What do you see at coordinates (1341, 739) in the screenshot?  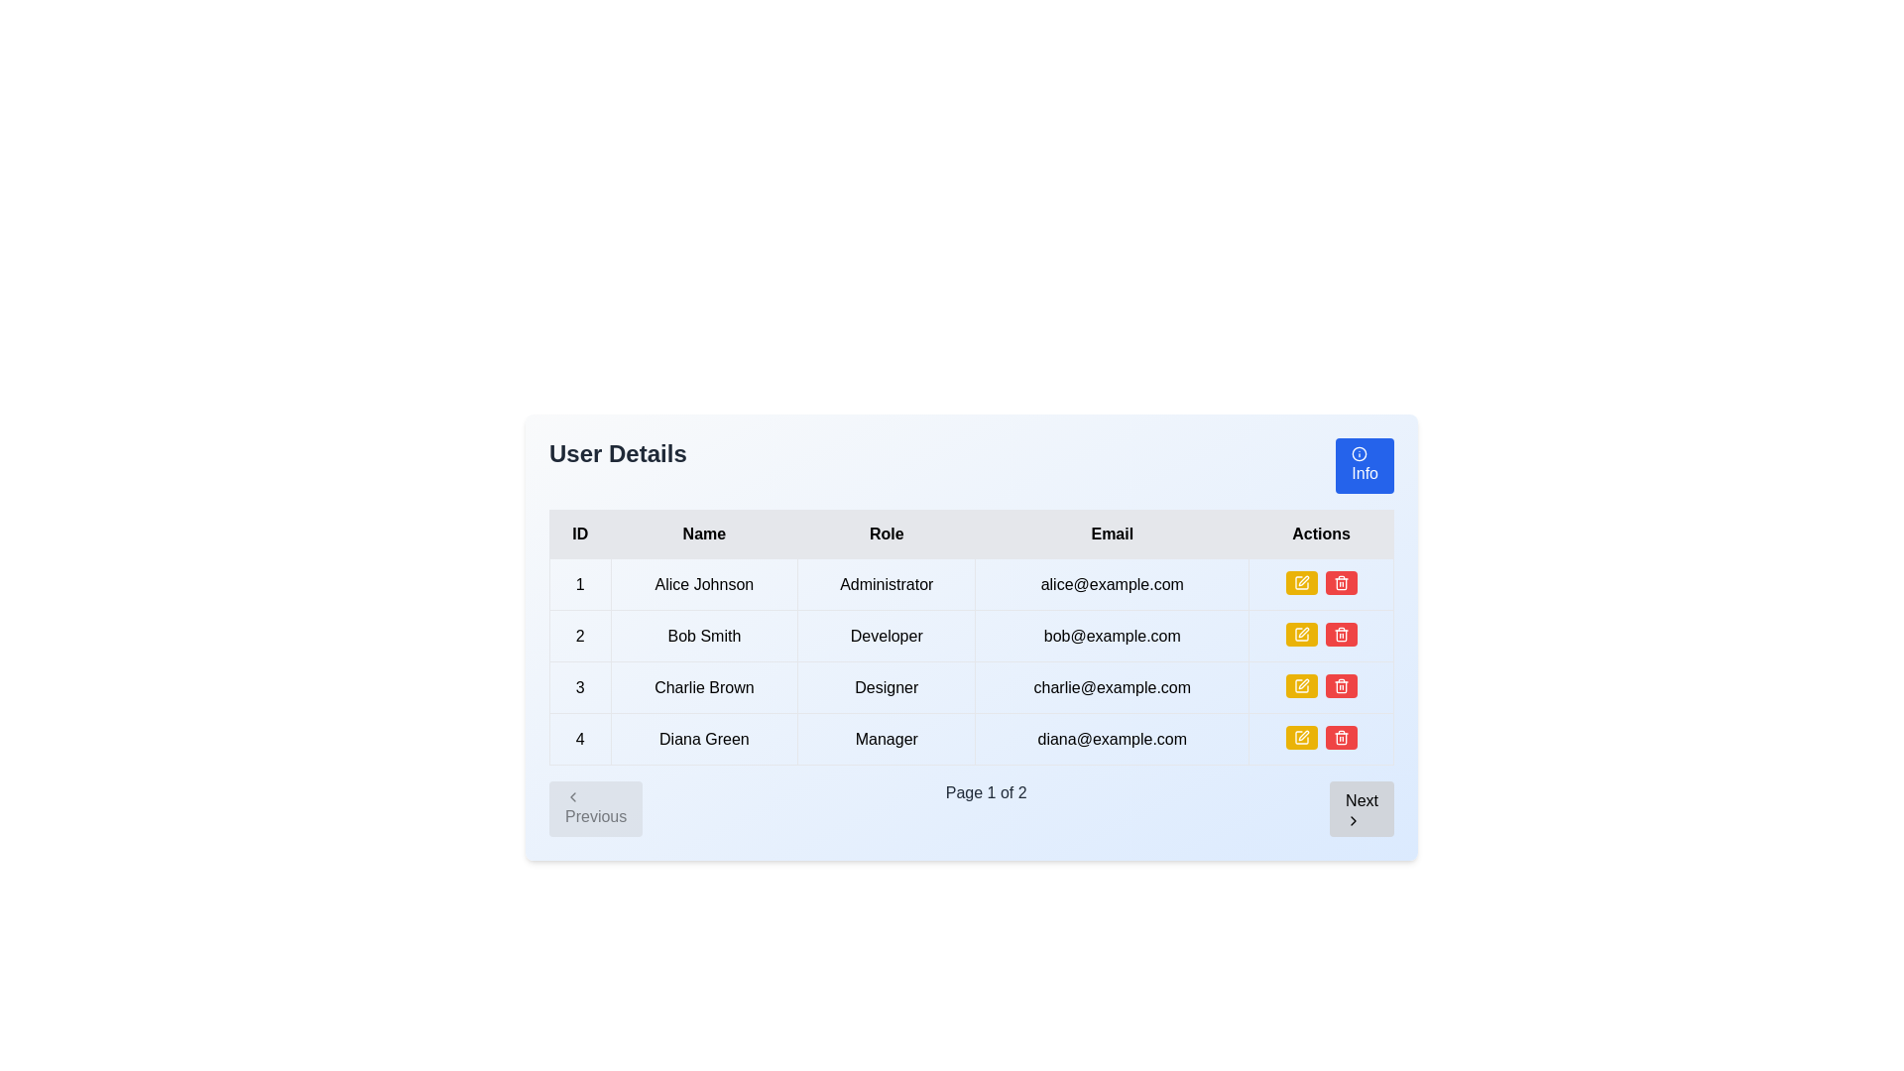 I see `the trash icon component in the 'Actions' column for the entry of 'Diana Green'` at bounding box center [1341, 739].